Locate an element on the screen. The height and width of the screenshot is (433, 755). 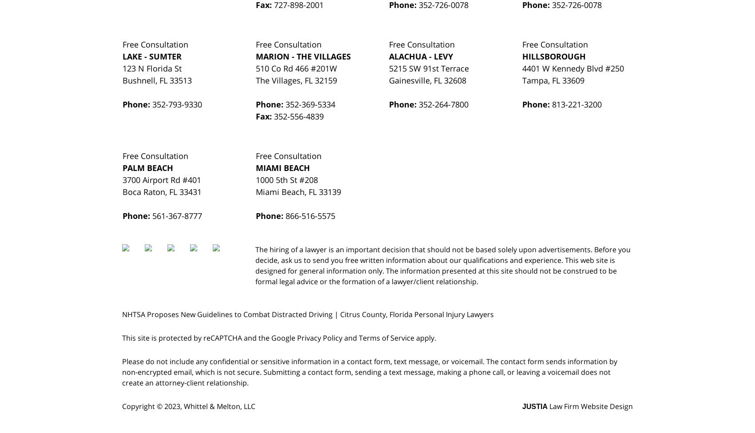
'ALACHUA - LEVY' is located at coordinates (421, 56).